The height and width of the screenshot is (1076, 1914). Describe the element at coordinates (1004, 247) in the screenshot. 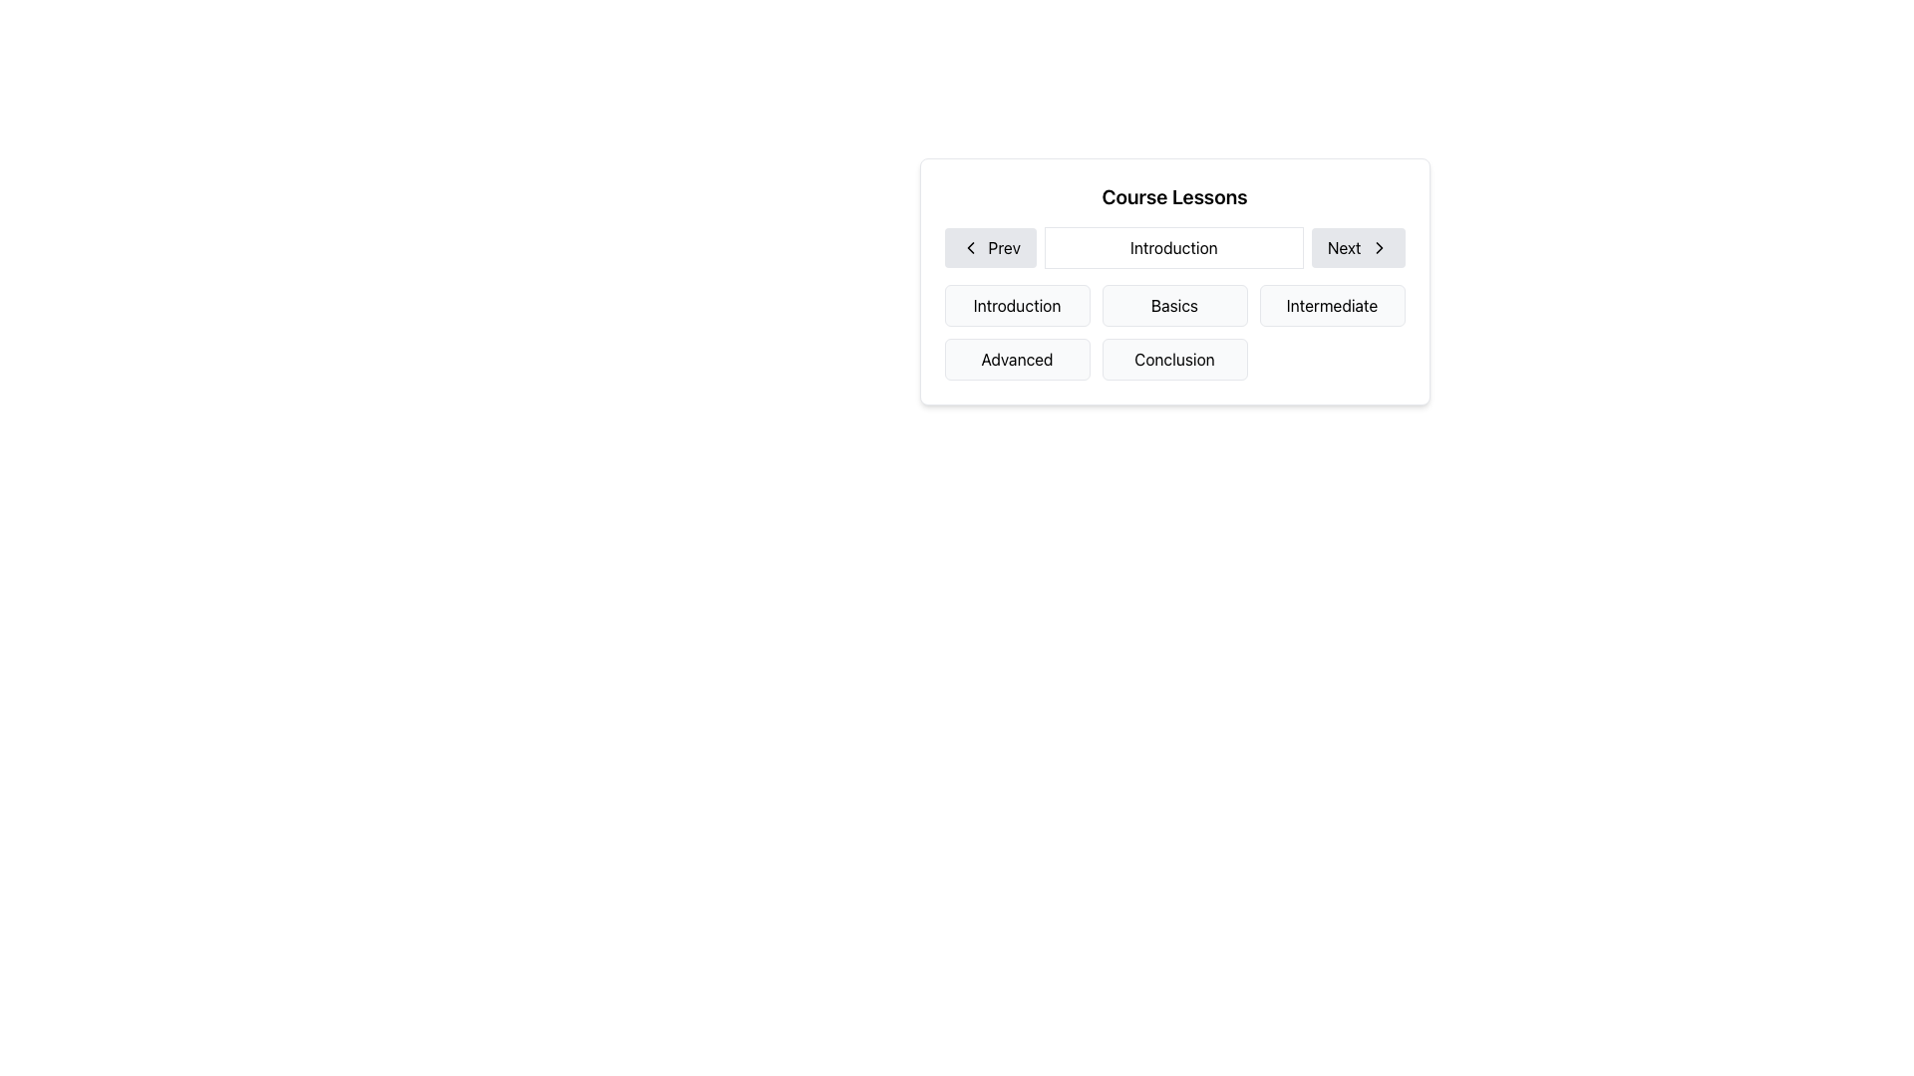

I see `the 'Prev' text inside the 'Previous' button` at that location.